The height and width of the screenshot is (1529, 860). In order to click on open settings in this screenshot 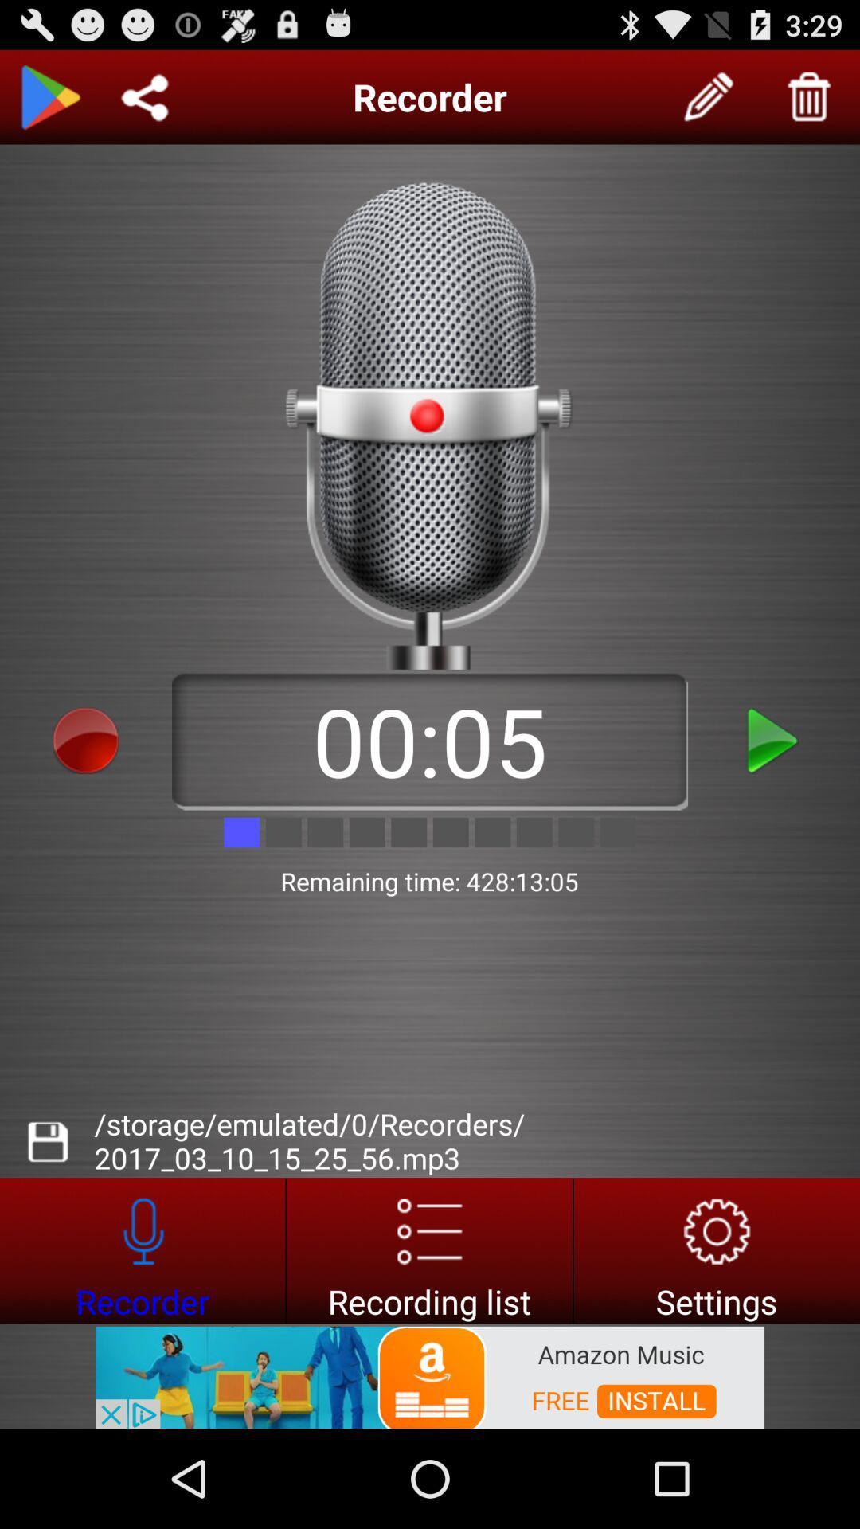, I will do `click(717, 1249)`.